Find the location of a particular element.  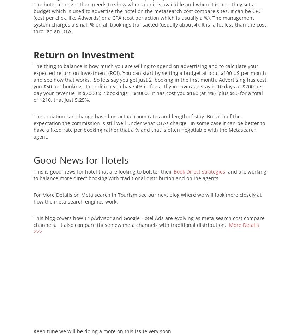

'Return on Investment' is located at coordinates (84, 54).